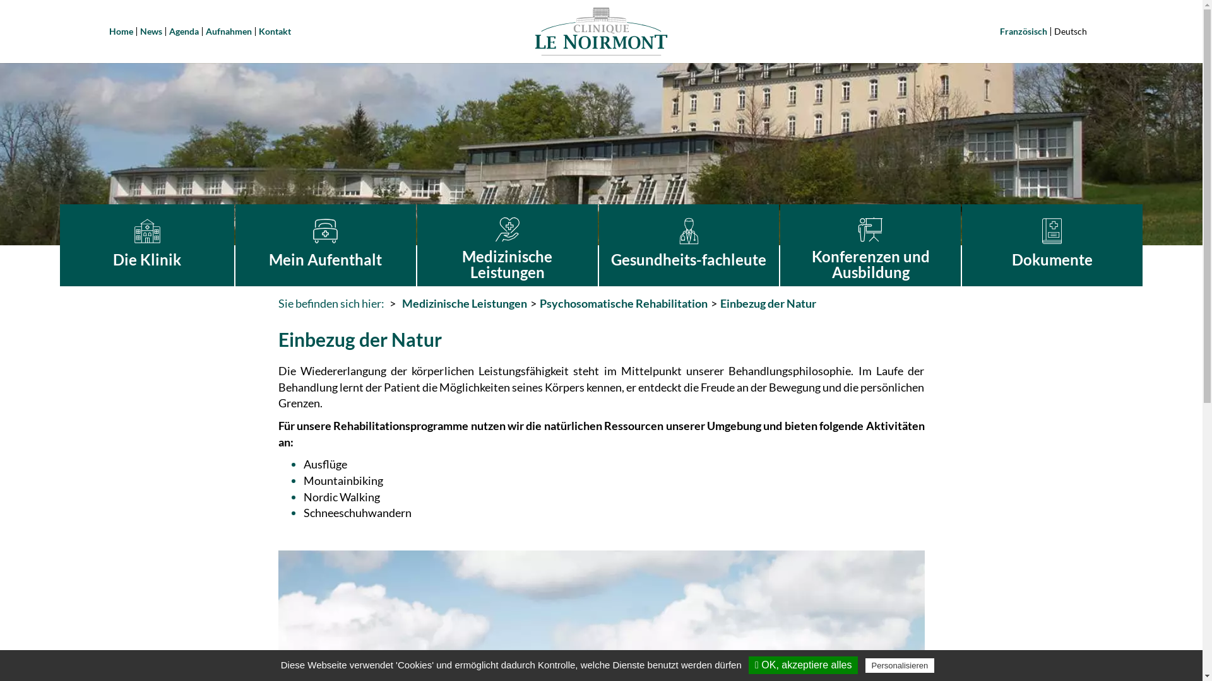 The width and height of the screenshot is (1212, 681). Describe the element at coordinates (147, 245) in the screenshot. I see `'Die Klinik'` at that location.